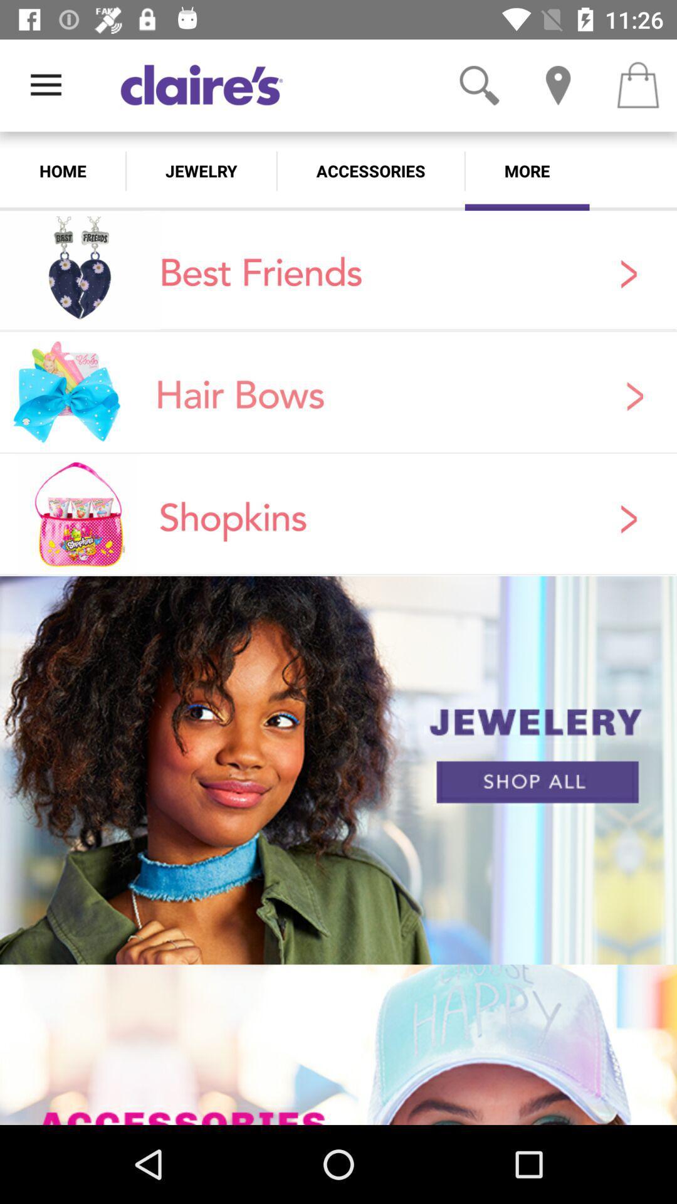 The image size is (677, 1204). What do you see at coordinates (201, 171) in the screenshot?
I see `the icon next to the accessories app` at bounding box center [201, 171].